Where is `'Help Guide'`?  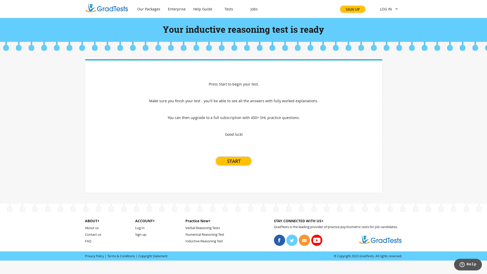 'Help Guide' is located at coordinates (202, 9).